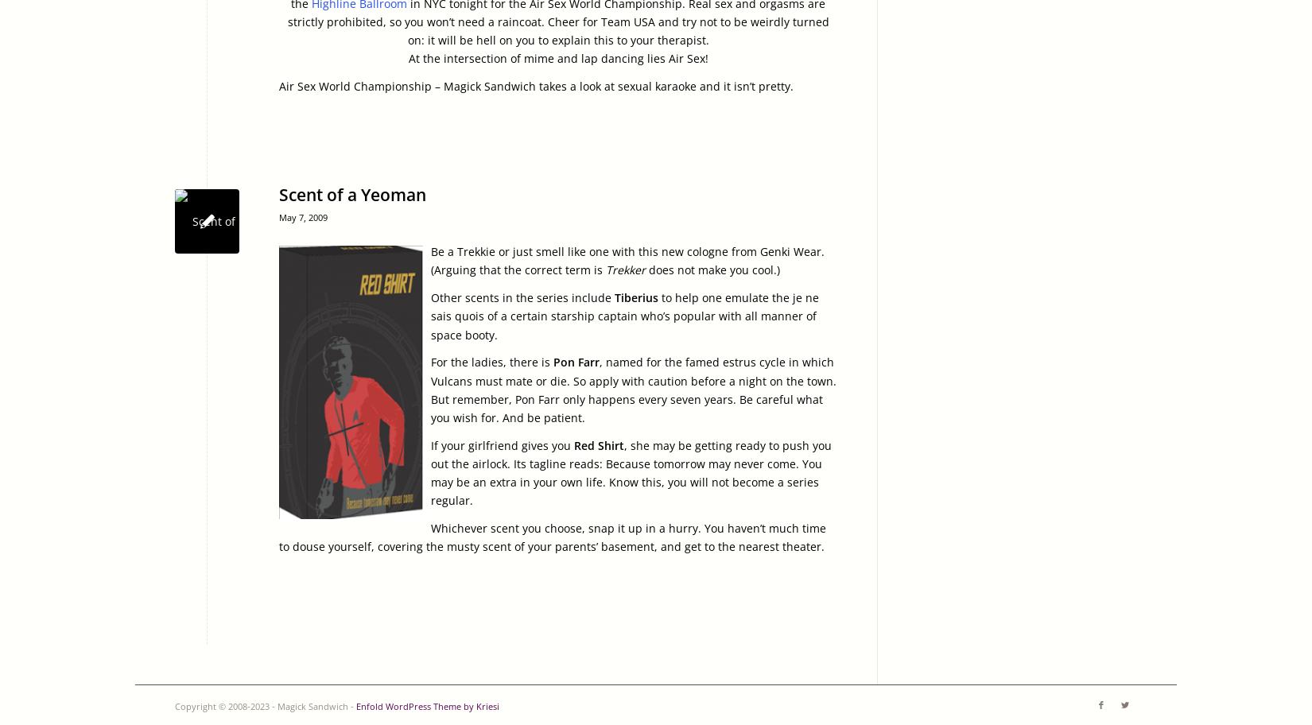  I want to click on 'May 7, 2009', so click(278, 216).